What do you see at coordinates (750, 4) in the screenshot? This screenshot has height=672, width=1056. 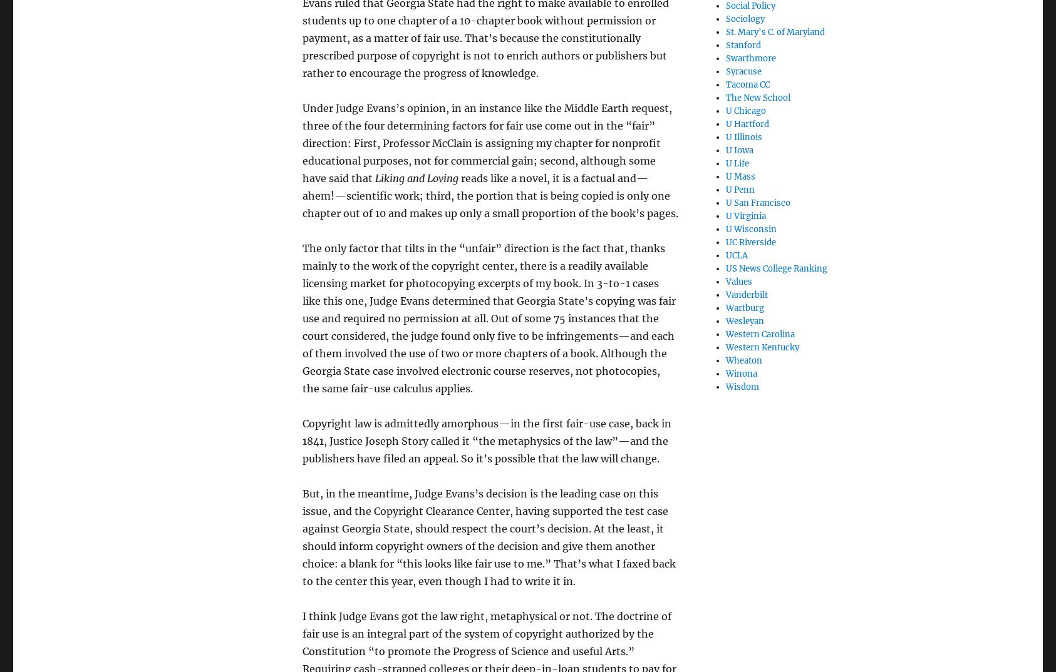 I see `'Social Policy'` at bounding box center [750, 4].